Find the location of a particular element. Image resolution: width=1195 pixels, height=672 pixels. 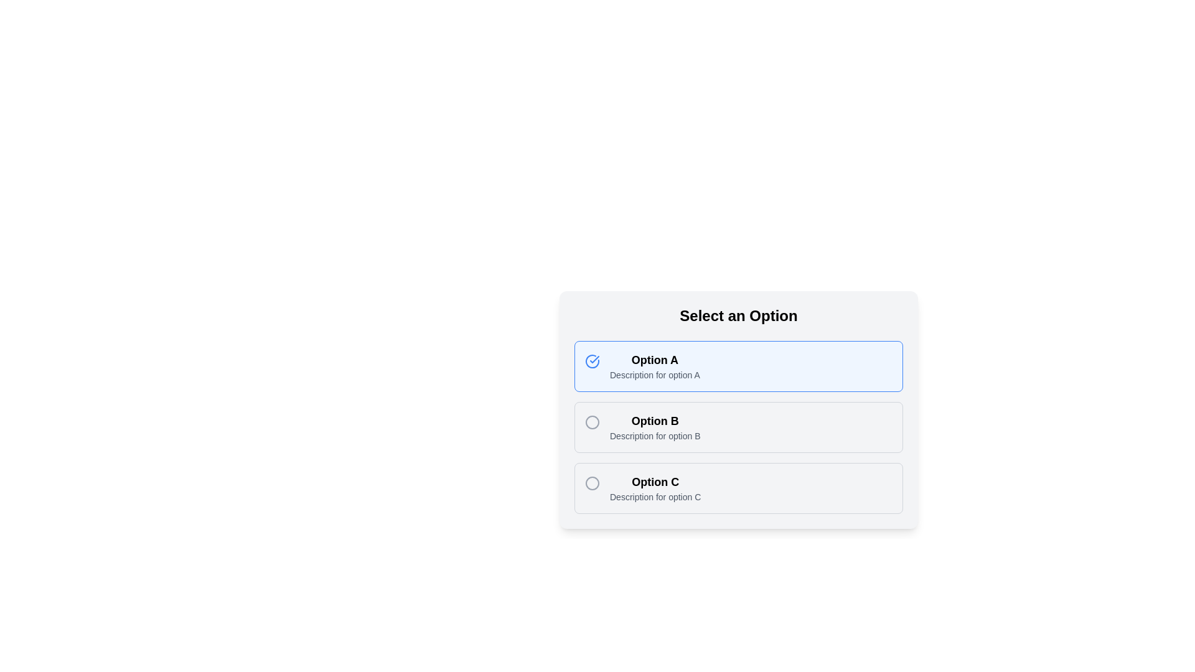

to select the second option in the centered selectable list item with a light gray background and white rounded borders, which is located directly below 'Option A' is located at coordinates (738, 410).